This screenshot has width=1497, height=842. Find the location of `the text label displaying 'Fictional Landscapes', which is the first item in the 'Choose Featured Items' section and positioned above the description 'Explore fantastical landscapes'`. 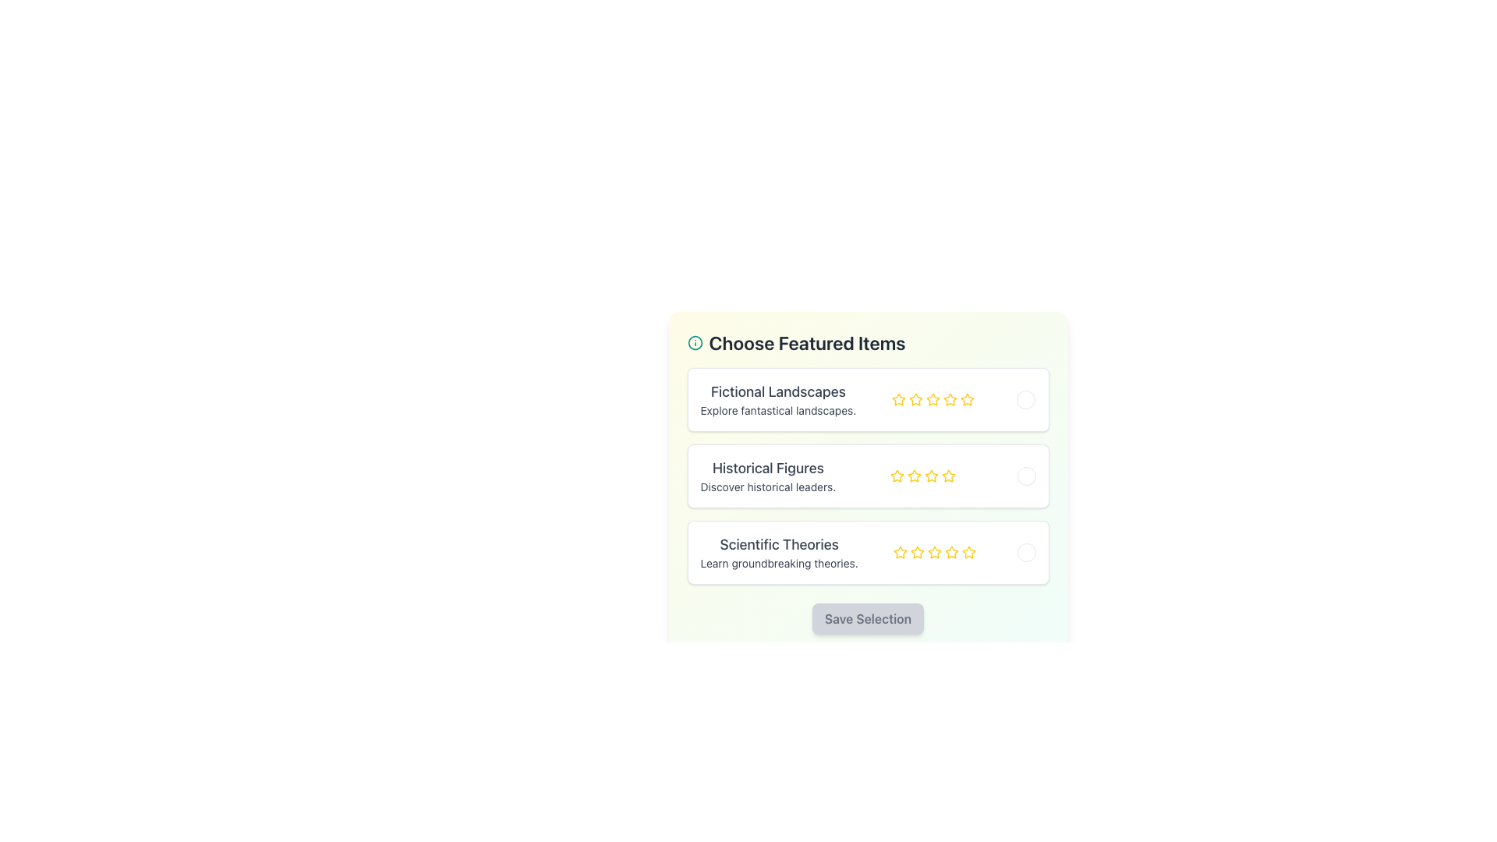

the text label displaying 'Fictional Landscapes', which is the first item in the 'Choose Featured Items' section and positioned above the description 'Explore fantastical landscapes' is located at coordinates (778, 391).